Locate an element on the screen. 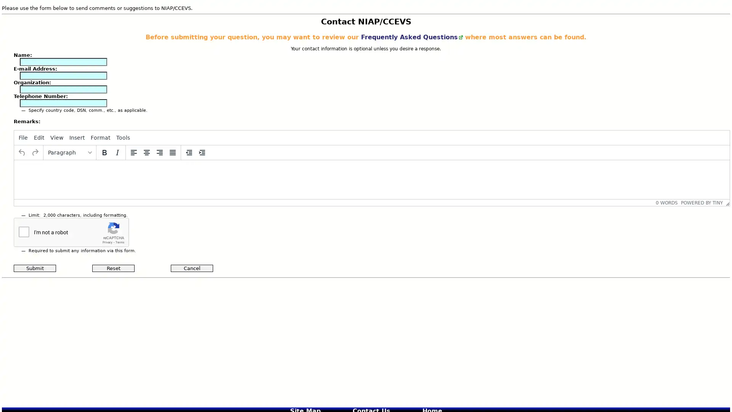 This screenshot has height=412, width=732. Undo is located at coordinates (22, 153).